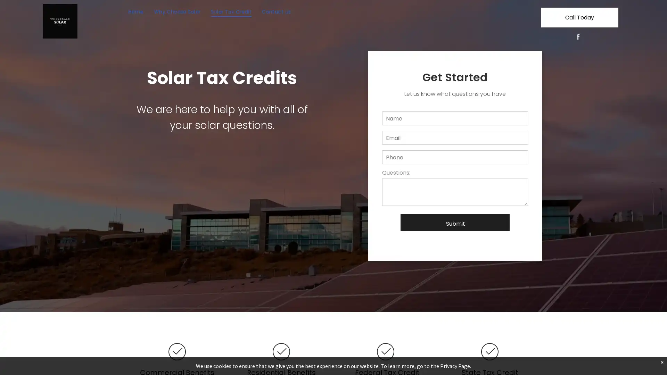 The image size is (667, 375). What do you see at coordinates (455, 224) in the screenshot?
I see `Submit` at bounding box center [455, 224].